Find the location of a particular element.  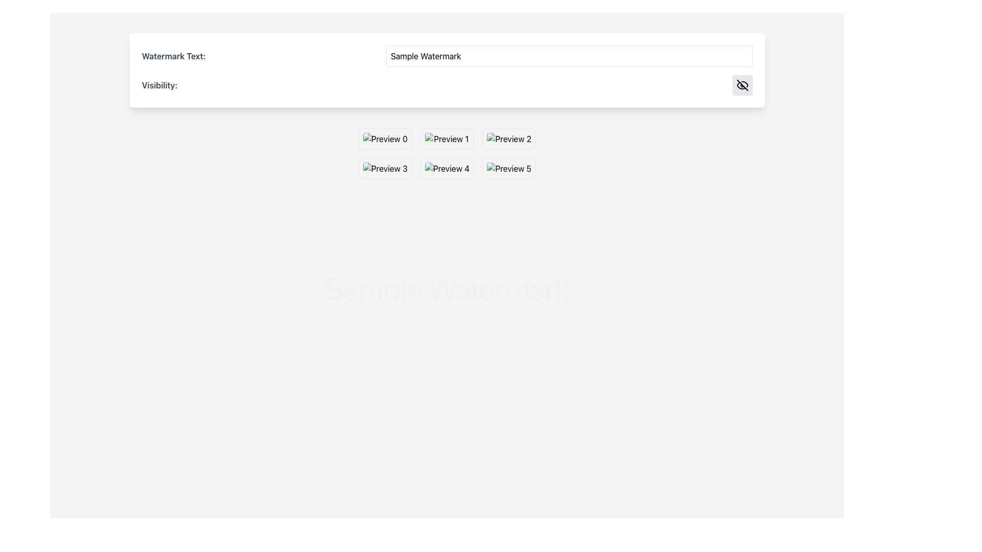

the first item is located at coordinates (385, 139).